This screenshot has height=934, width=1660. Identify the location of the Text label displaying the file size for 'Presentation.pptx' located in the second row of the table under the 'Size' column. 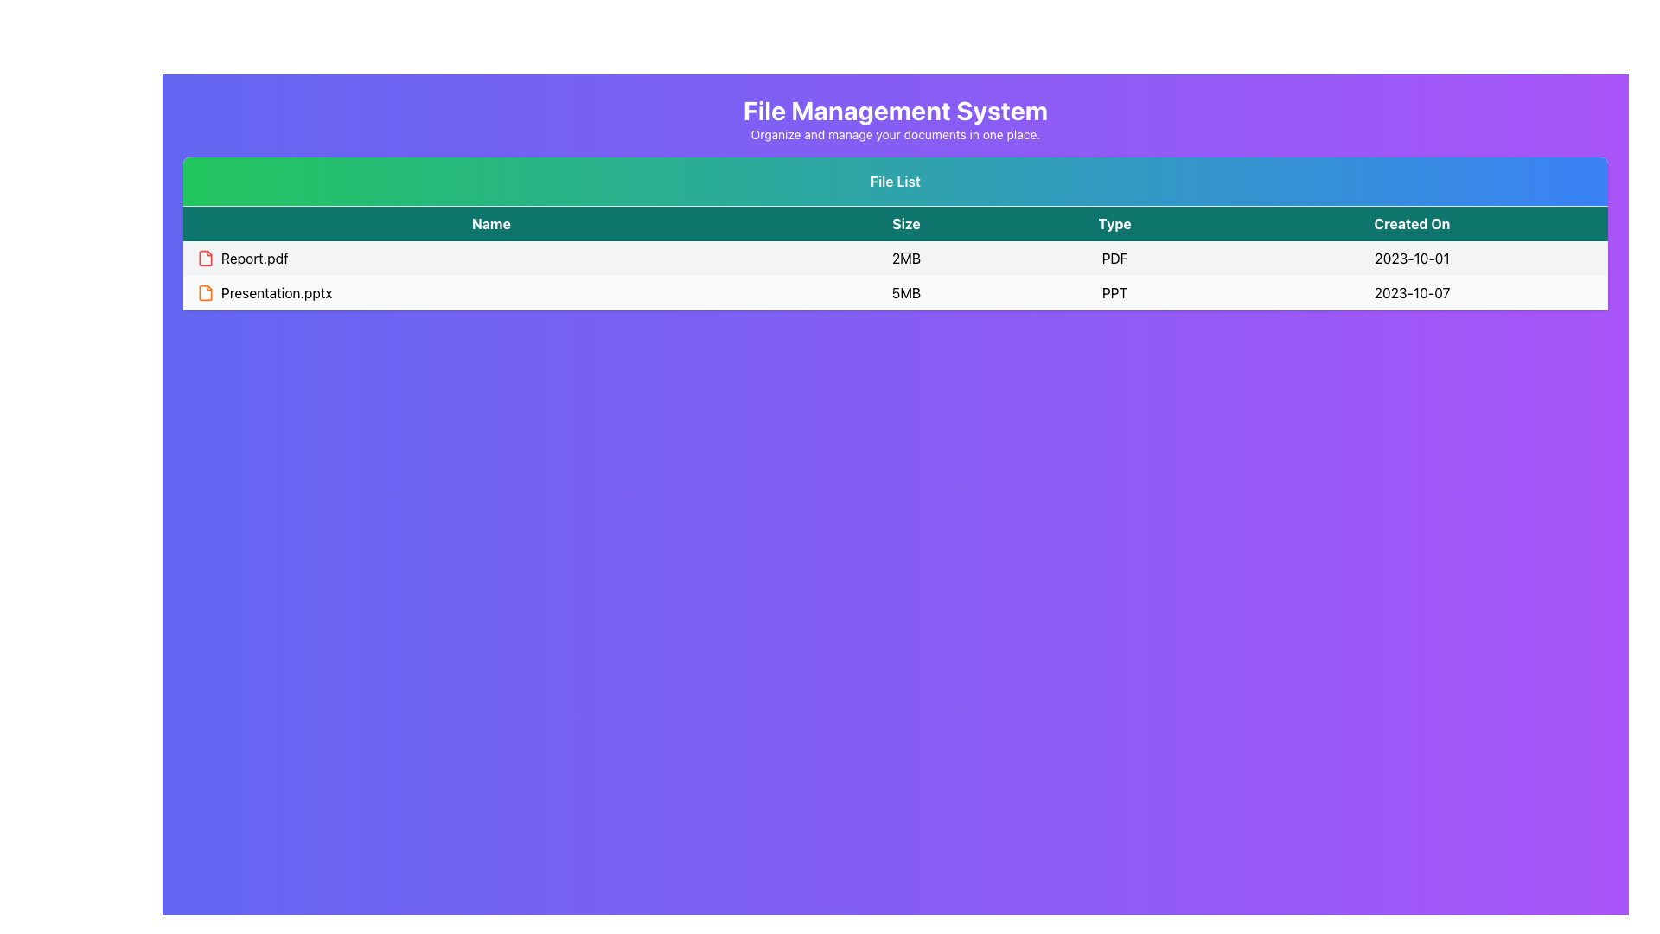
(905, 292).